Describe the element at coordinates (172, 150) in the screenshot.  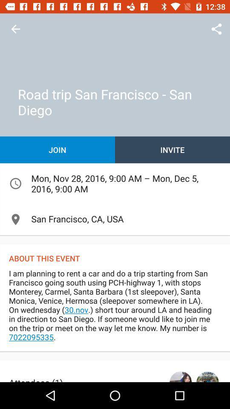
I see `icon above the mon nov 28` at that location.